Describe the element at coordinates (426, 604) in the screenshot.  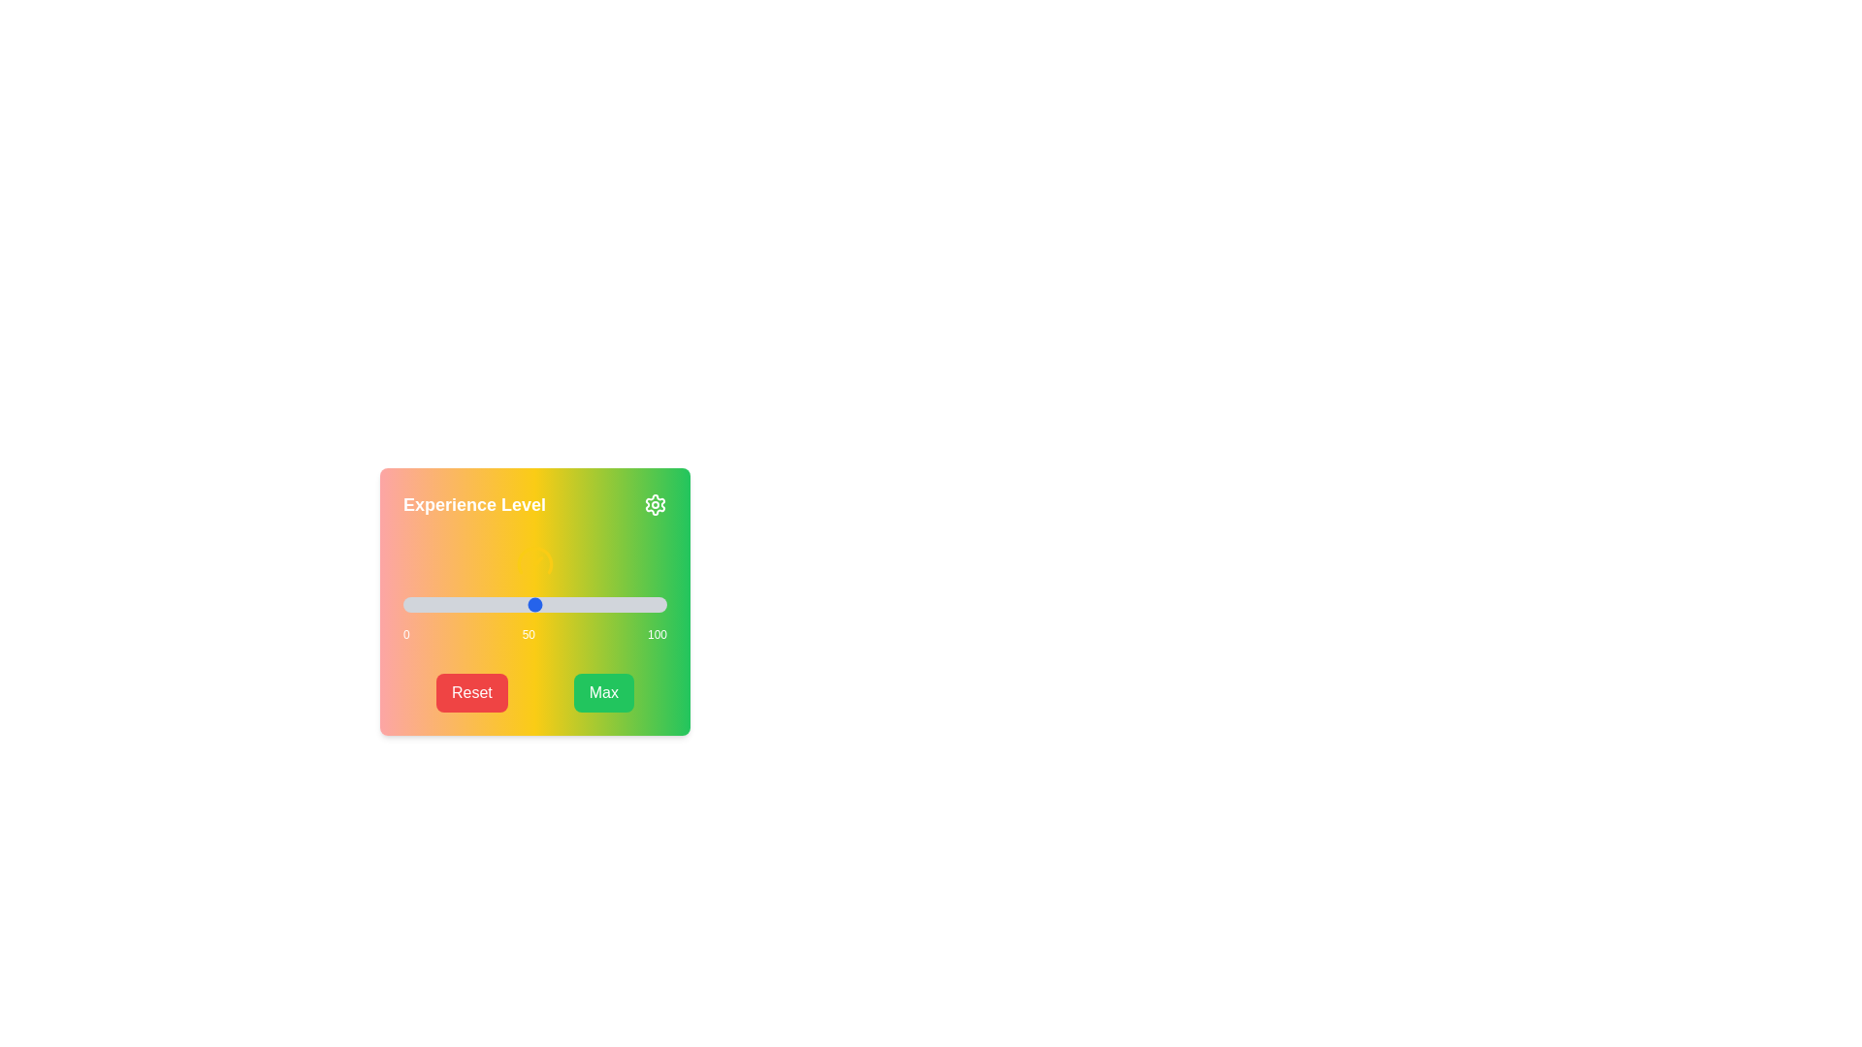
I see `the slider to set the value to 9` at that location.